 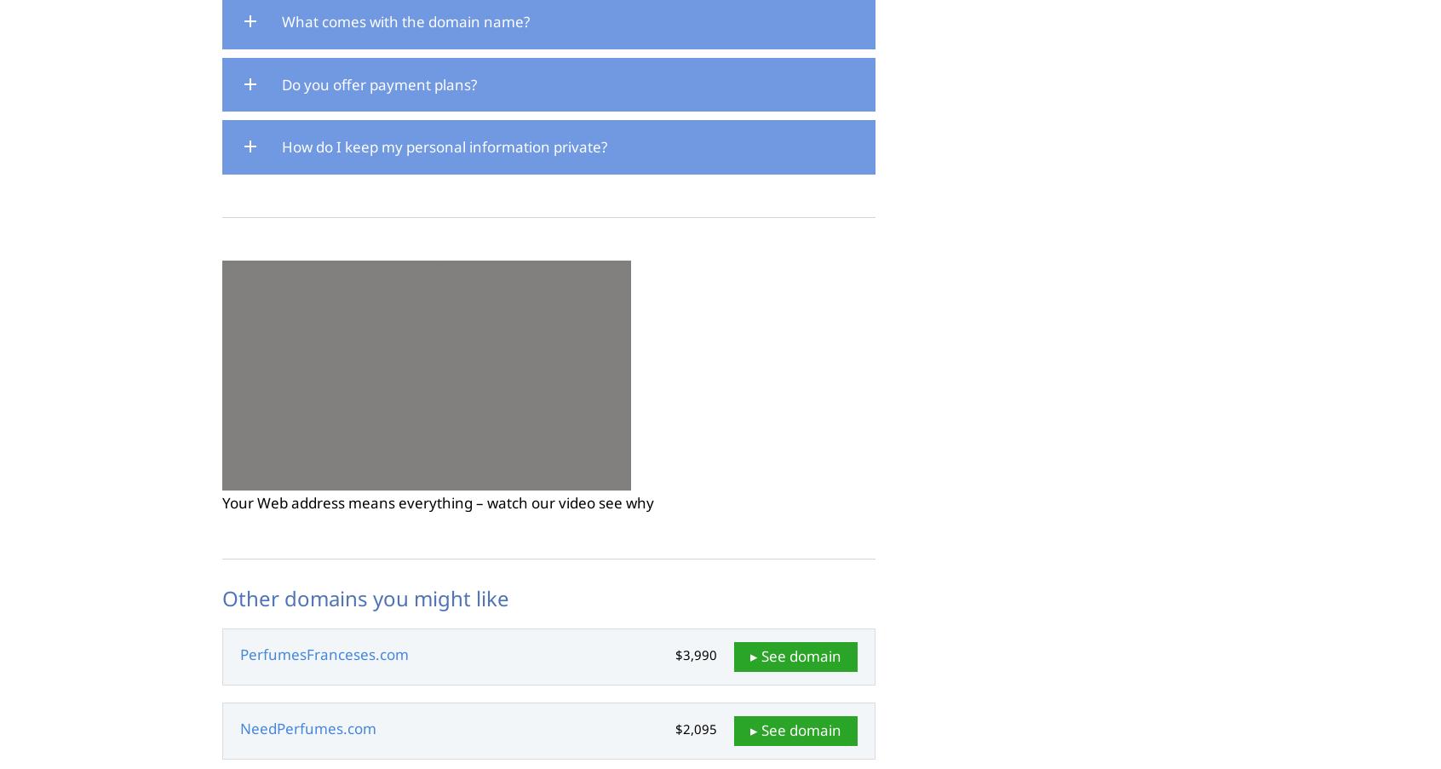 What do you see at coordinates (438, 502) in the screenshot?
I see `'Your Web address means everything – watch our video see why'` at bounding box center [438, 502].